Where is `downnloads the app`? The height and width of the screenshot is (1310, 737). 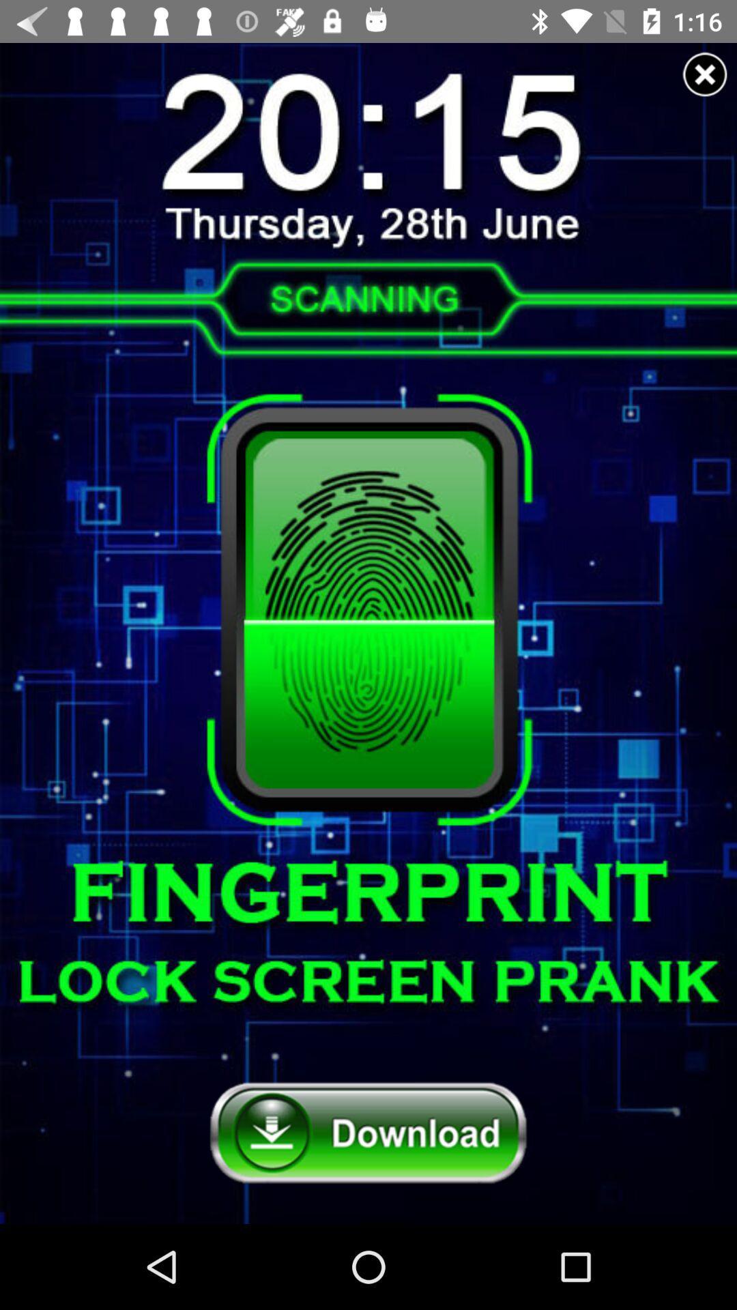
downnloads the app is located at coordinates (369, 1133).